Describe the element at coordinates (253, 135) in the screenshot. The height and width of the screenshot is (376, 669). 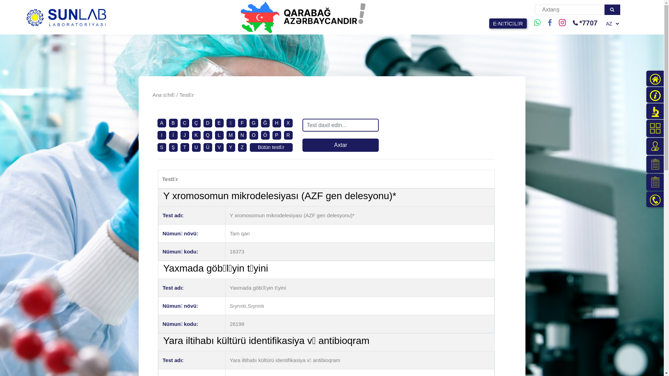
I see `'O'` at that location.